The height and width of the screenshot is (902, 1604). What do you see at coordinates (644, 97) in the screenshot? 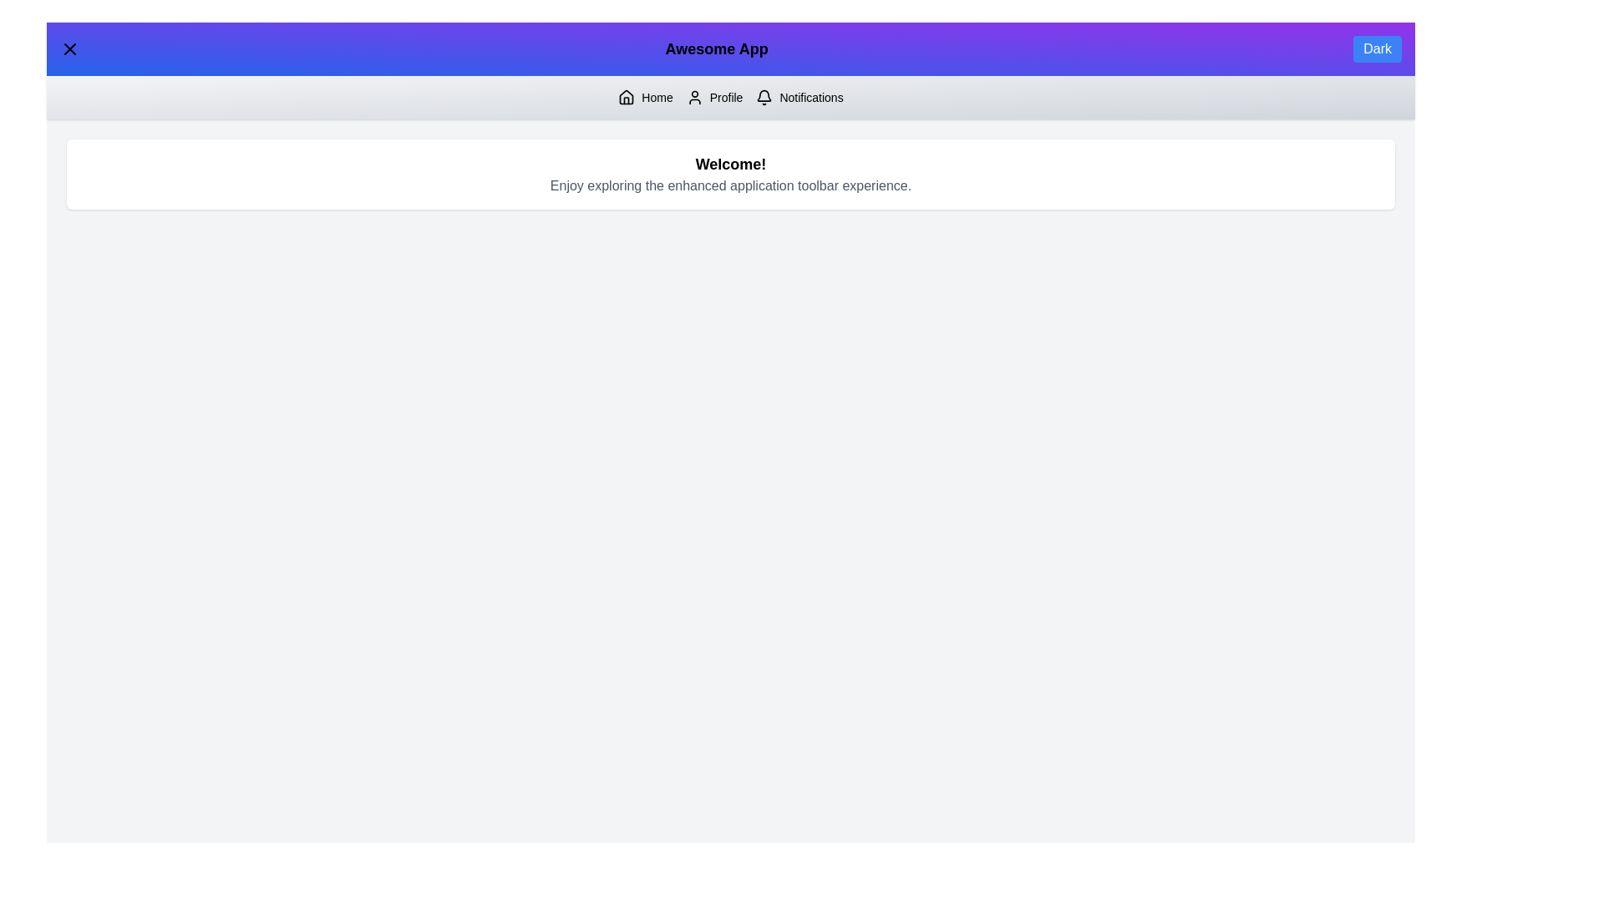
I see `the 'Home' button to navigate to the Home section` at bounding box center [644, 97].